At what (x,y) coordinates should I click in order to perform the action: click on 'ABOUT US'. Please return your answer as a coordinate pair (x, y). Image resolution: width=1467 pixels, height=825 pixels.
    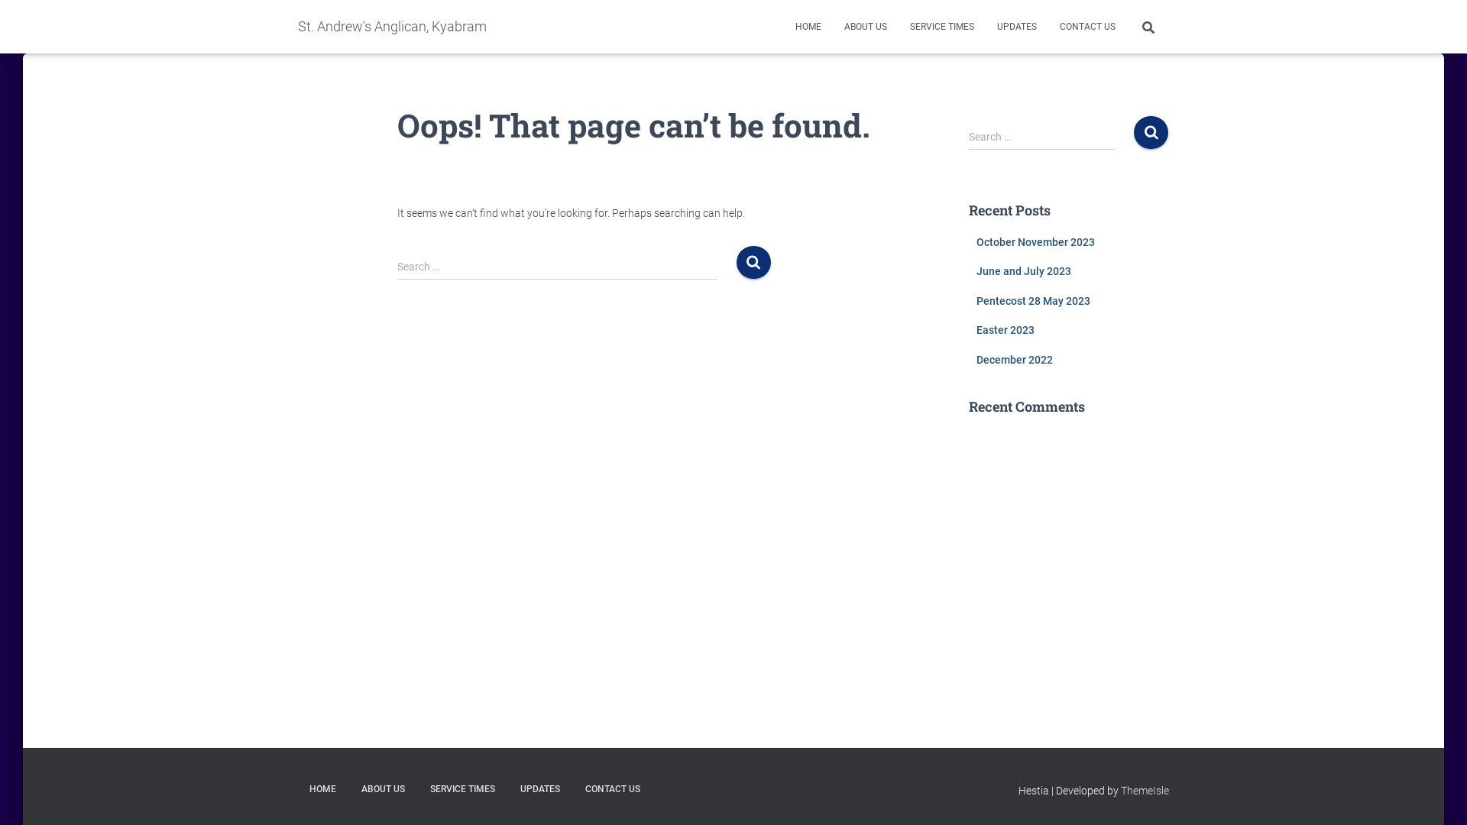
    Looking at the image, I should click on (865, 26).